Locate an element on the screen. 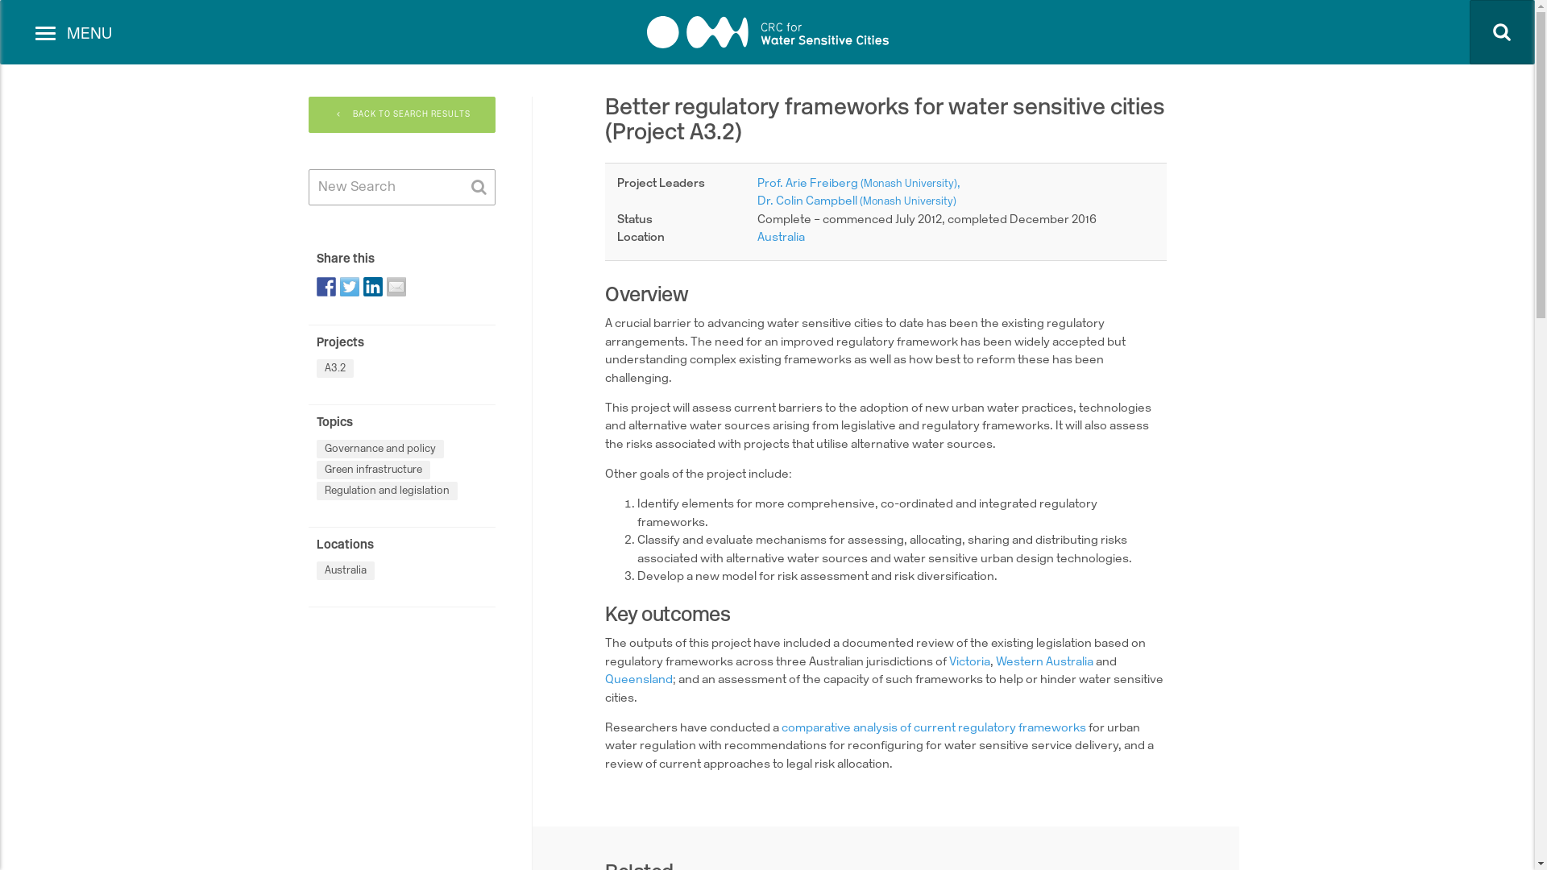 Image resolution: width=1547 pixels, height=870 pixels. 'Share by email' is located at coordinates (396, 285).